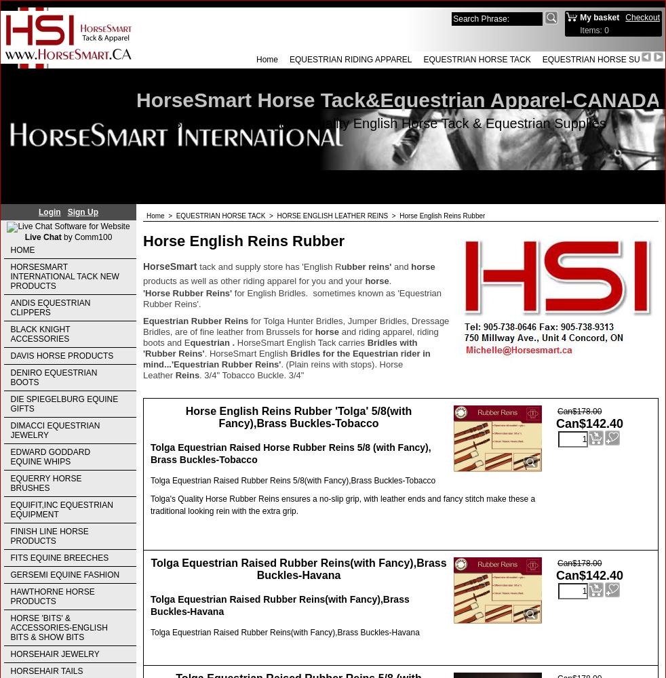  I want to click on 'FITS EQUINE BREECHES', so click(58, 557).